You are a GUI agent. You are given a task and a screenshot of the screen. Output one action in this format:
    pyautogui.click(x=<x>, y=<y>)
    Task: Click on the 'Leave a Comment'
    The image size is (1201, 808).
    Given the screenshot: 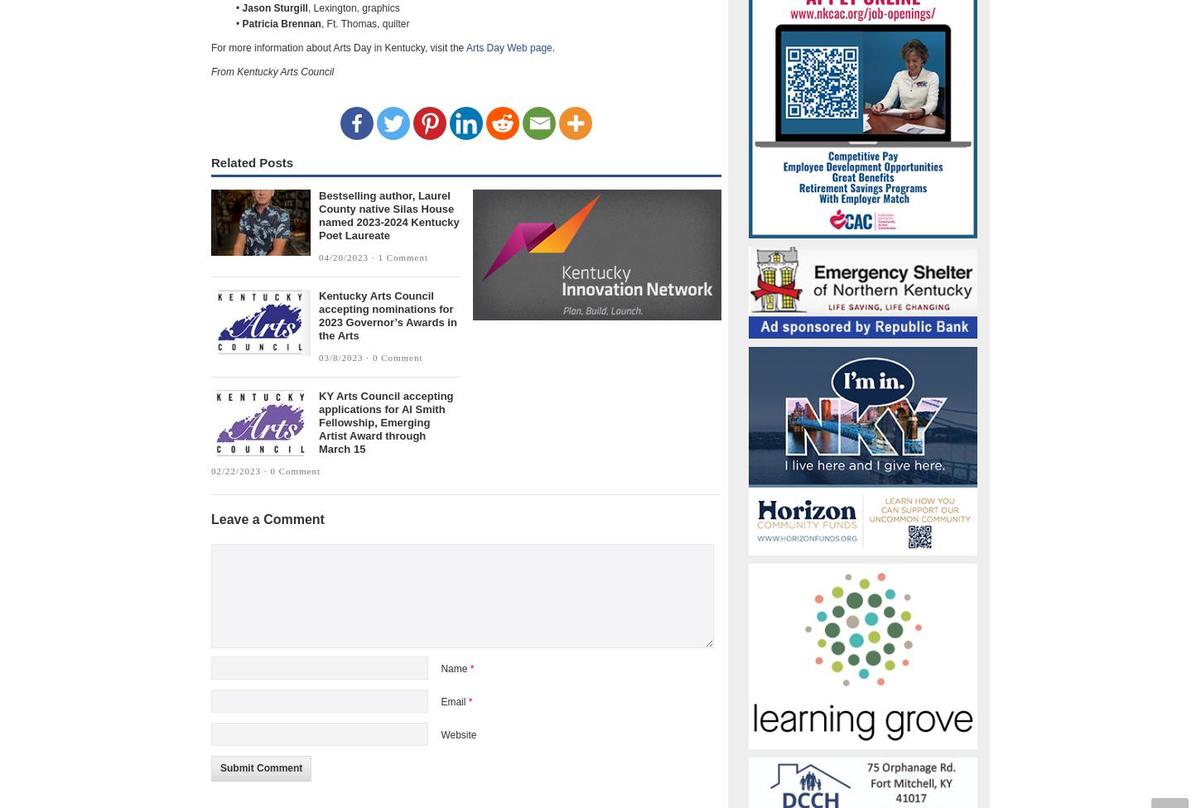 What is the action you would take?
    pyautogui.click(x=268, y=518)
    